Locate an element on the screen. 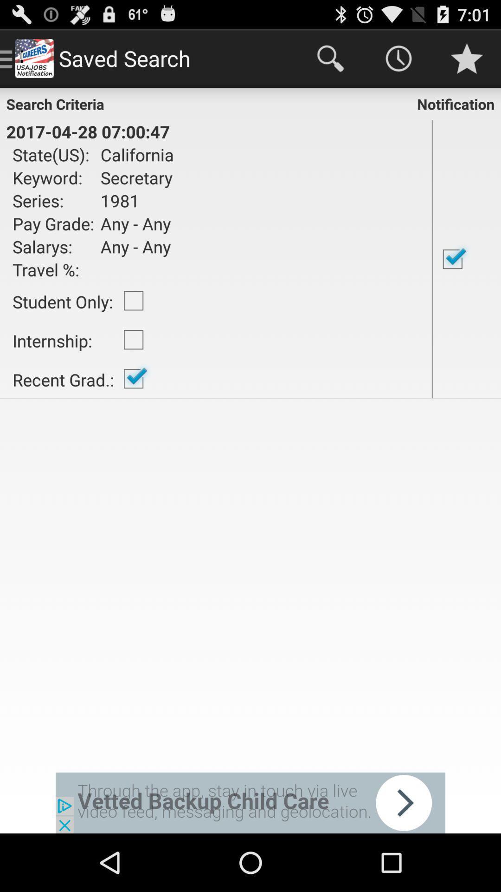 This screenshot has width=501, height=892. notification on button is located at coordinates (467, 259).